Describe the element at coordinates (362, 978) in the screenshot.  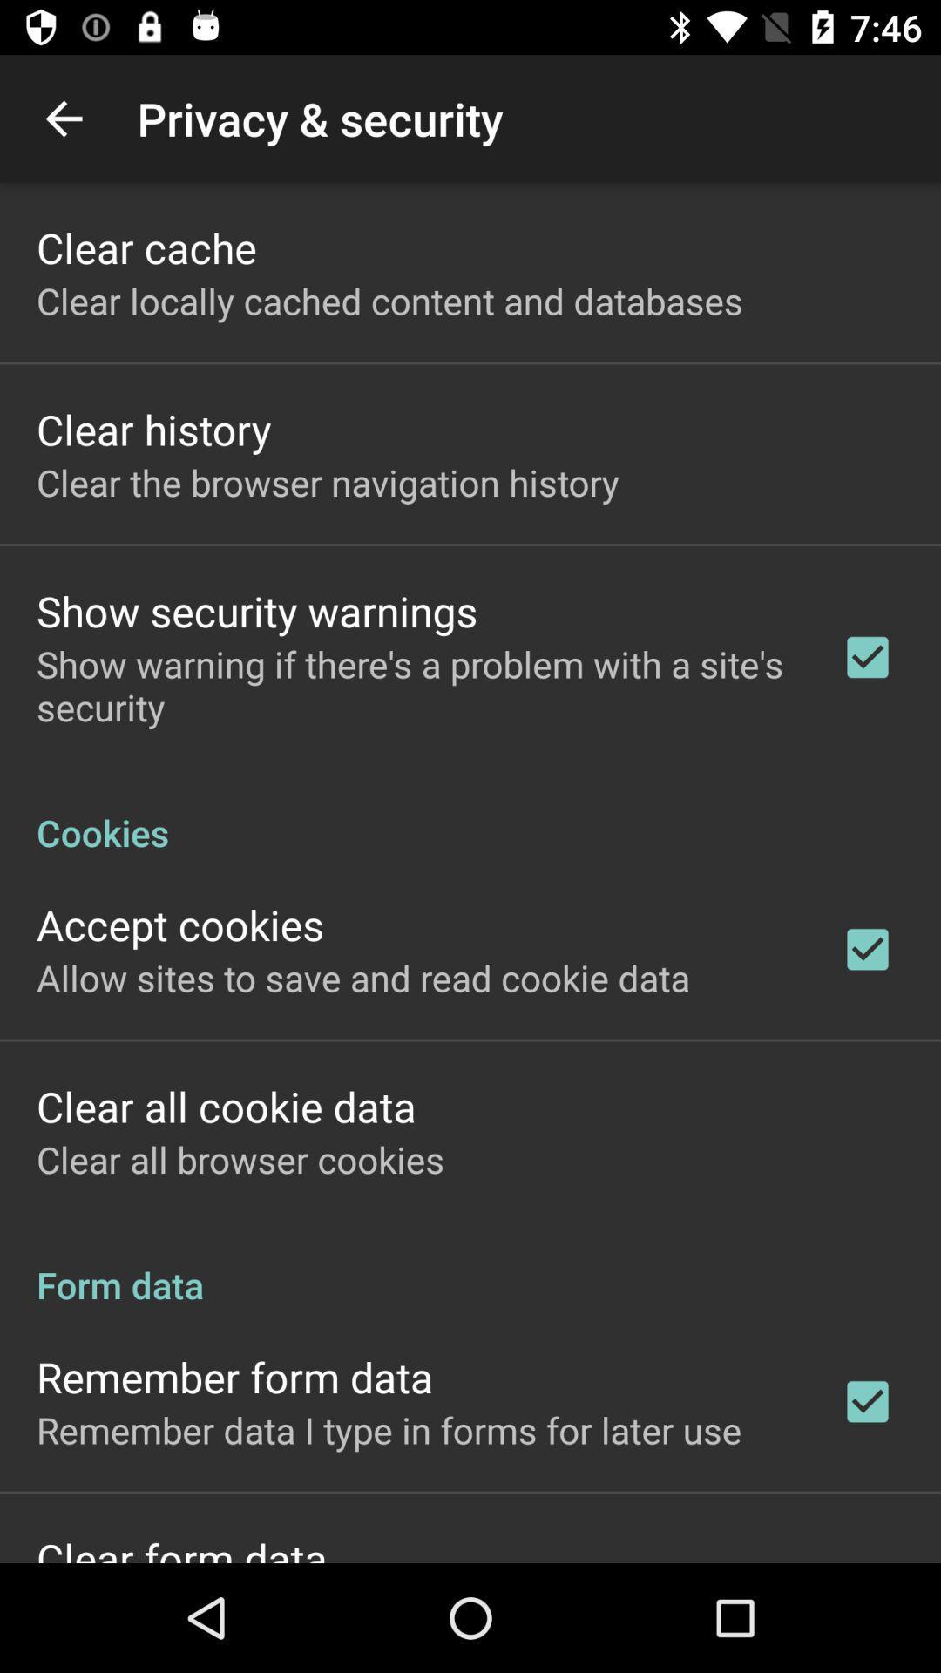
I see `the allow sites to item` at that location.